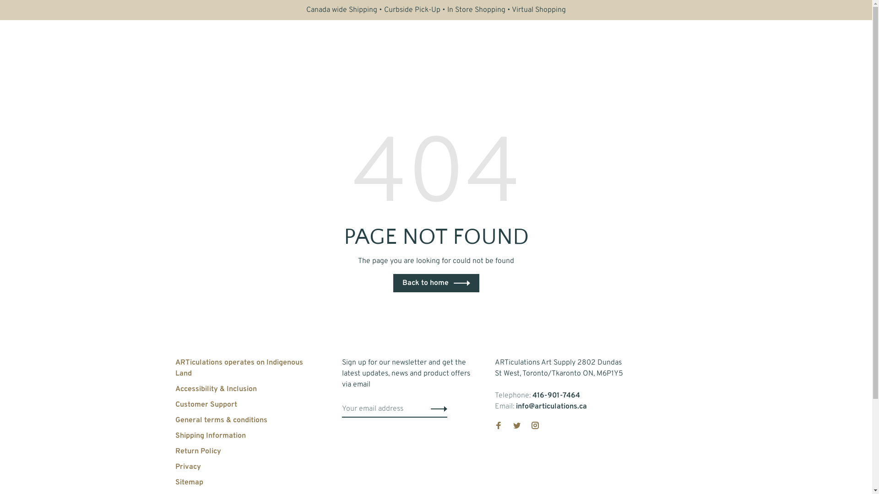  I want to click on 'Twitter', so click(516, 427).